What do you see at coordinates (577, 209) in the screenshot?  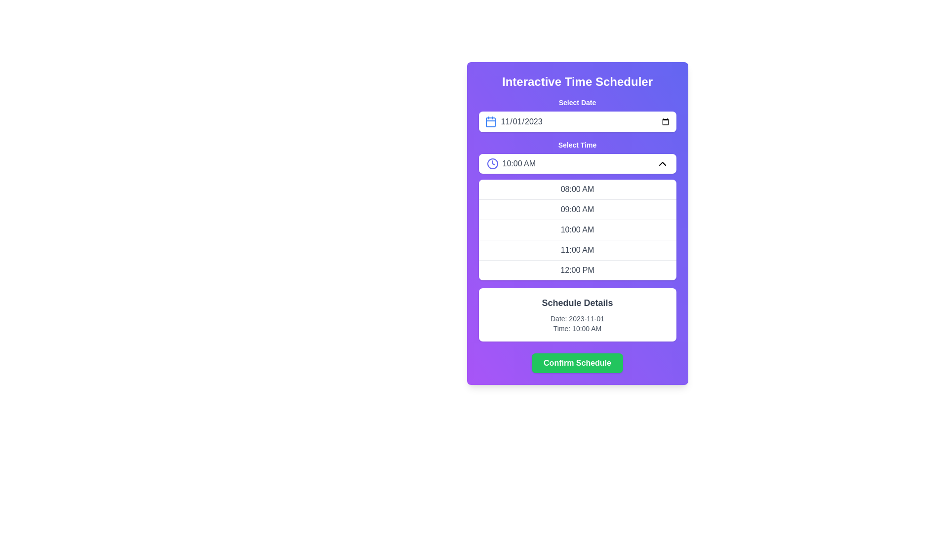 I see `the individual time slot in the dropdown menu located under the 'Select Time' section` at bounding box center [577, 209].